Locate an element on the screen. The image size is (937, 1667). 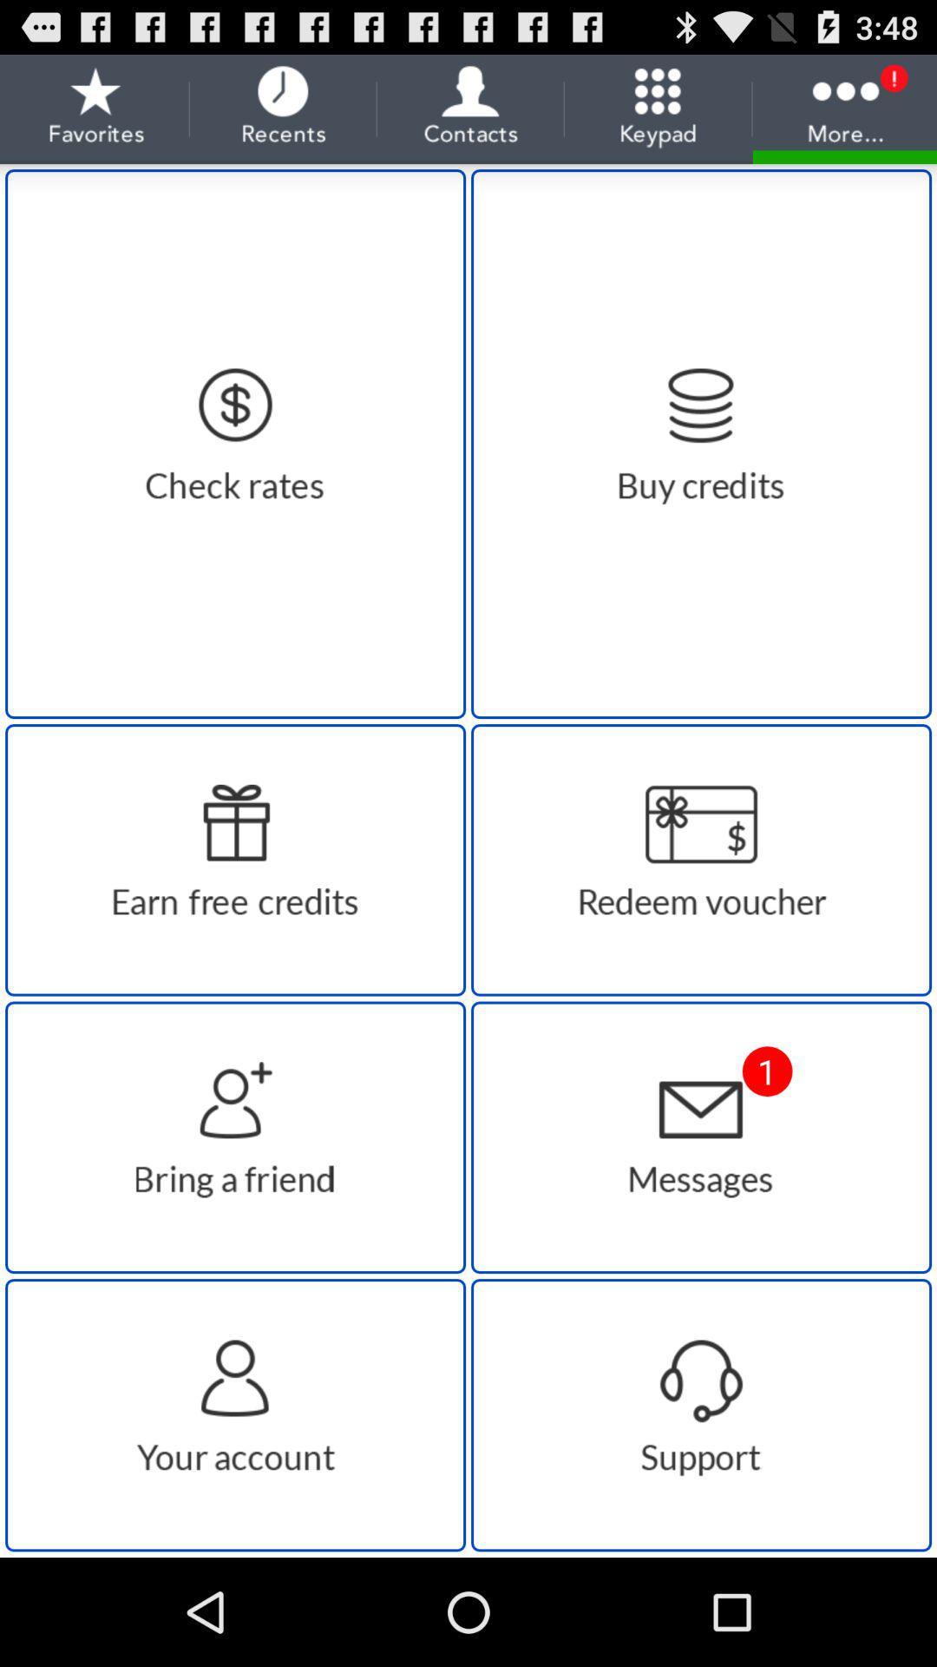
contacts is located at coordinates (235, 1137).